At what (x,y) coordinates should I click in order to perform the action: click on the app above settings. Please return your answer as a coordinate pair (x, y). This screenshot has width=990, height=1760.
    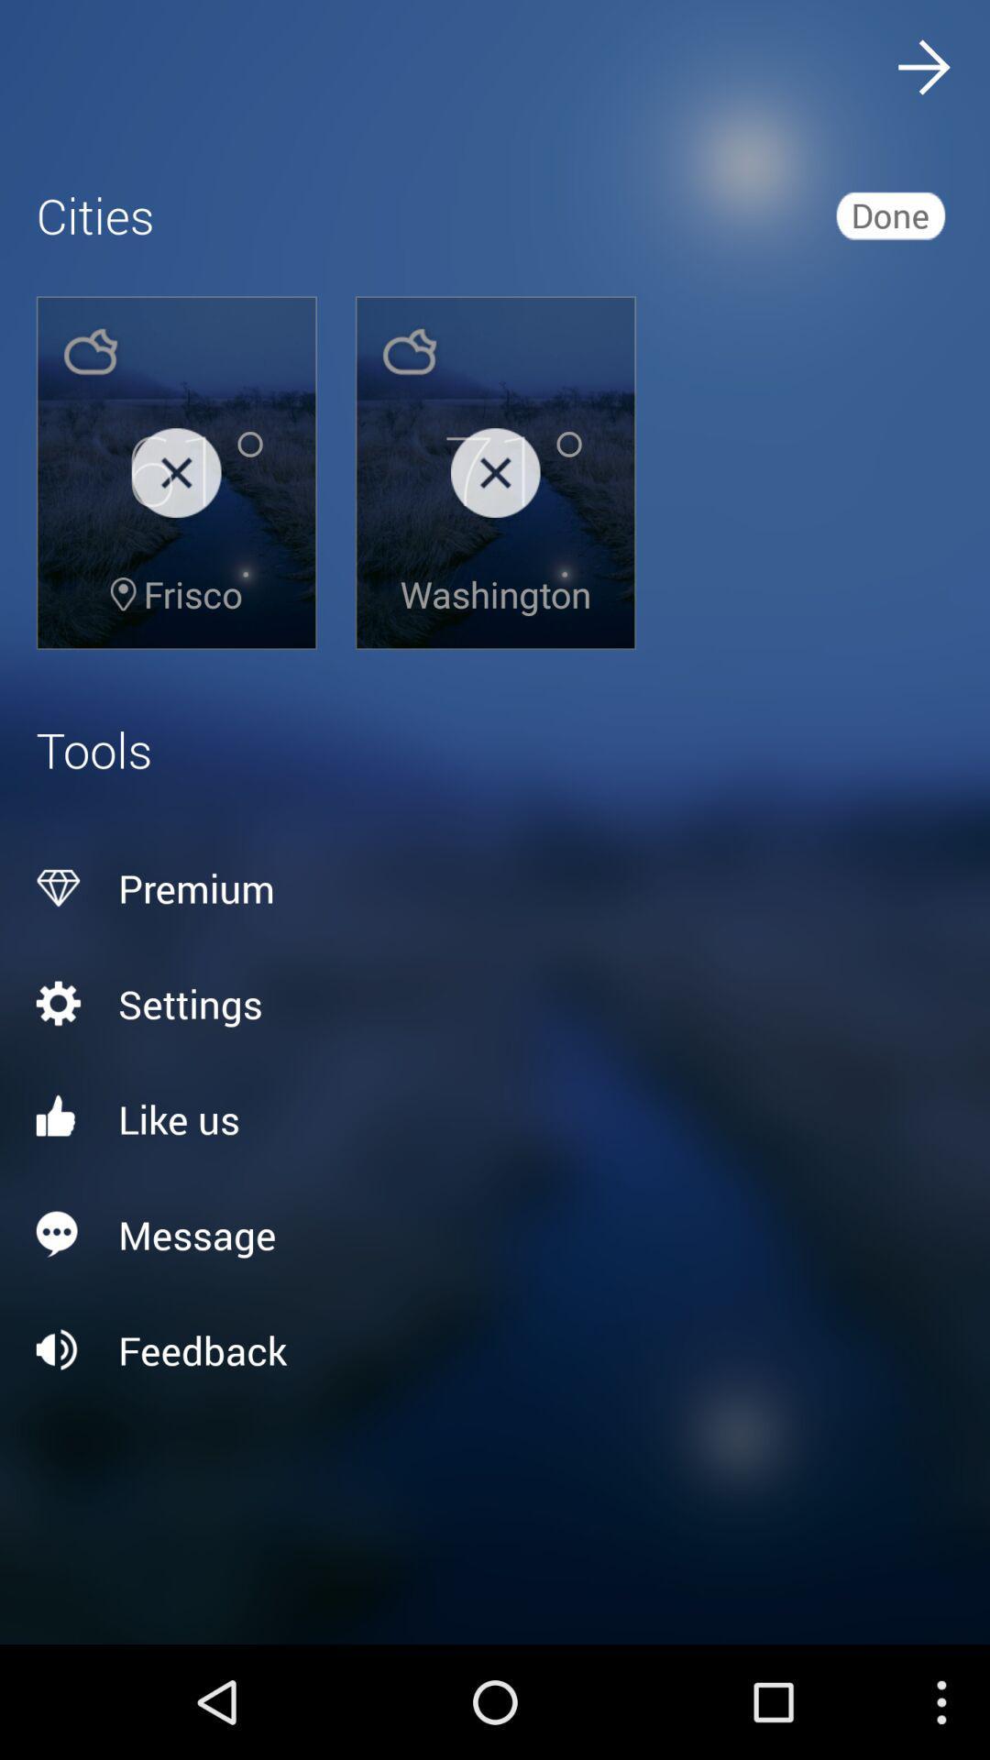
    Looking at the image, I should click on (495, 888).